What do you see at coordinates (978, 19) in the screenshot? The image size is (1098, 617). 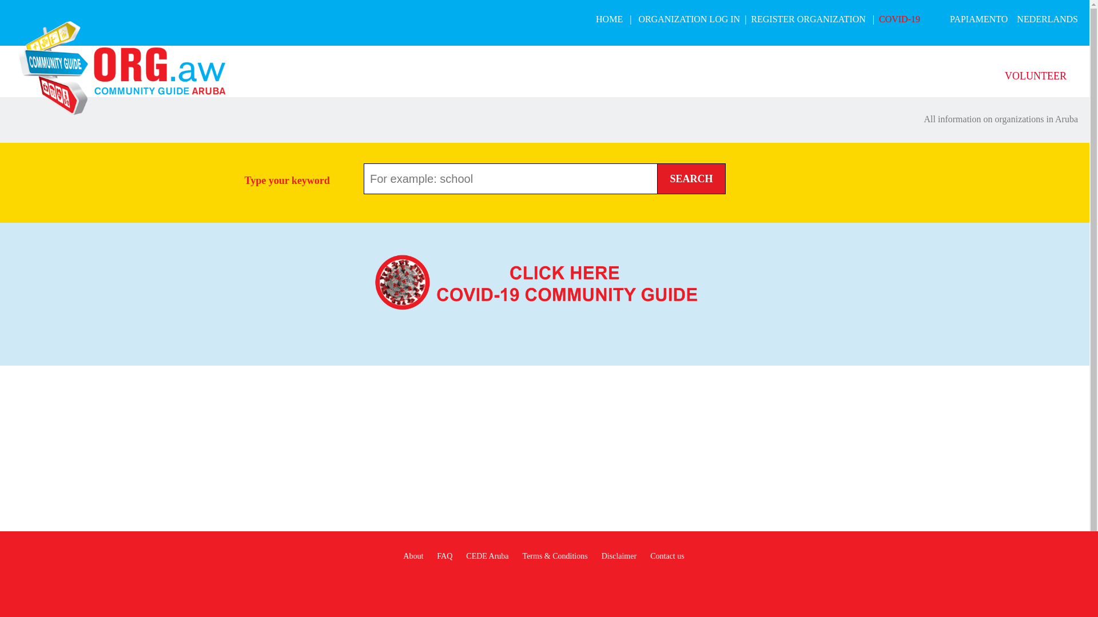 I see `'PAPIAMENTO'` at bounding box center [978, 19].